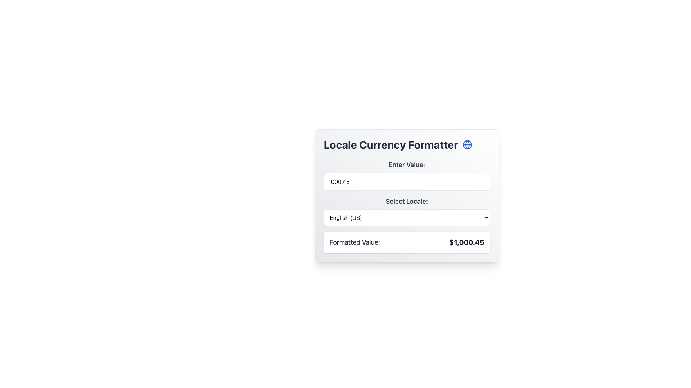 The height and width of the screenshot is (388, 691). What do you see at coordinates (407, 165) in the screenshot?
I see `the descriptive Text Label that instructs users to enter a numerical value, located at the top-center of the section above the numeric input field` at bounding box center [407, 165].